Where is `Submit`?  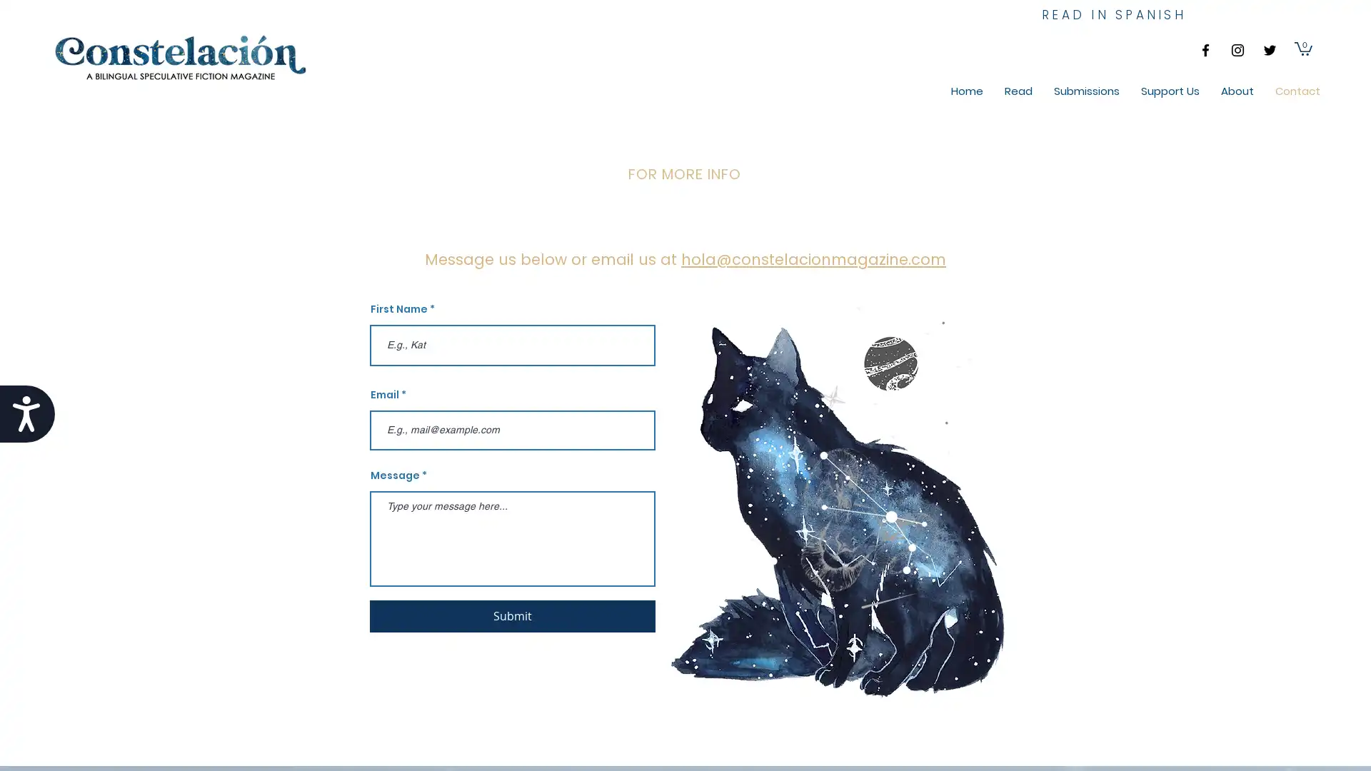
Submit is located at coordinates (513, 615).